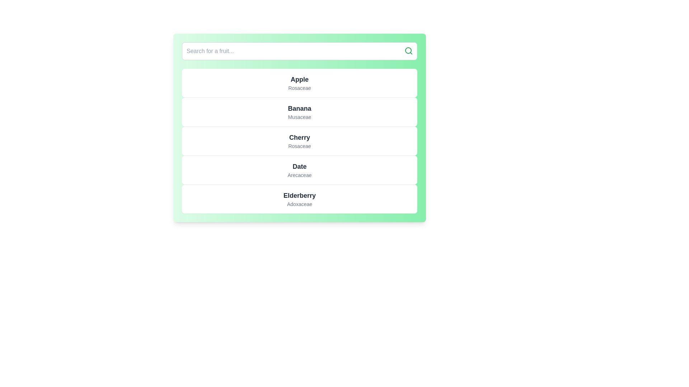 This screenshot has height=387, width=689. What do you see at coordinates (300, 82) in the screenshot?
I see `the informational card displaying 'Apple' and 'Rosaceae', which is the first item in the list of cards below the search bar` at bounding box center [300, 82].